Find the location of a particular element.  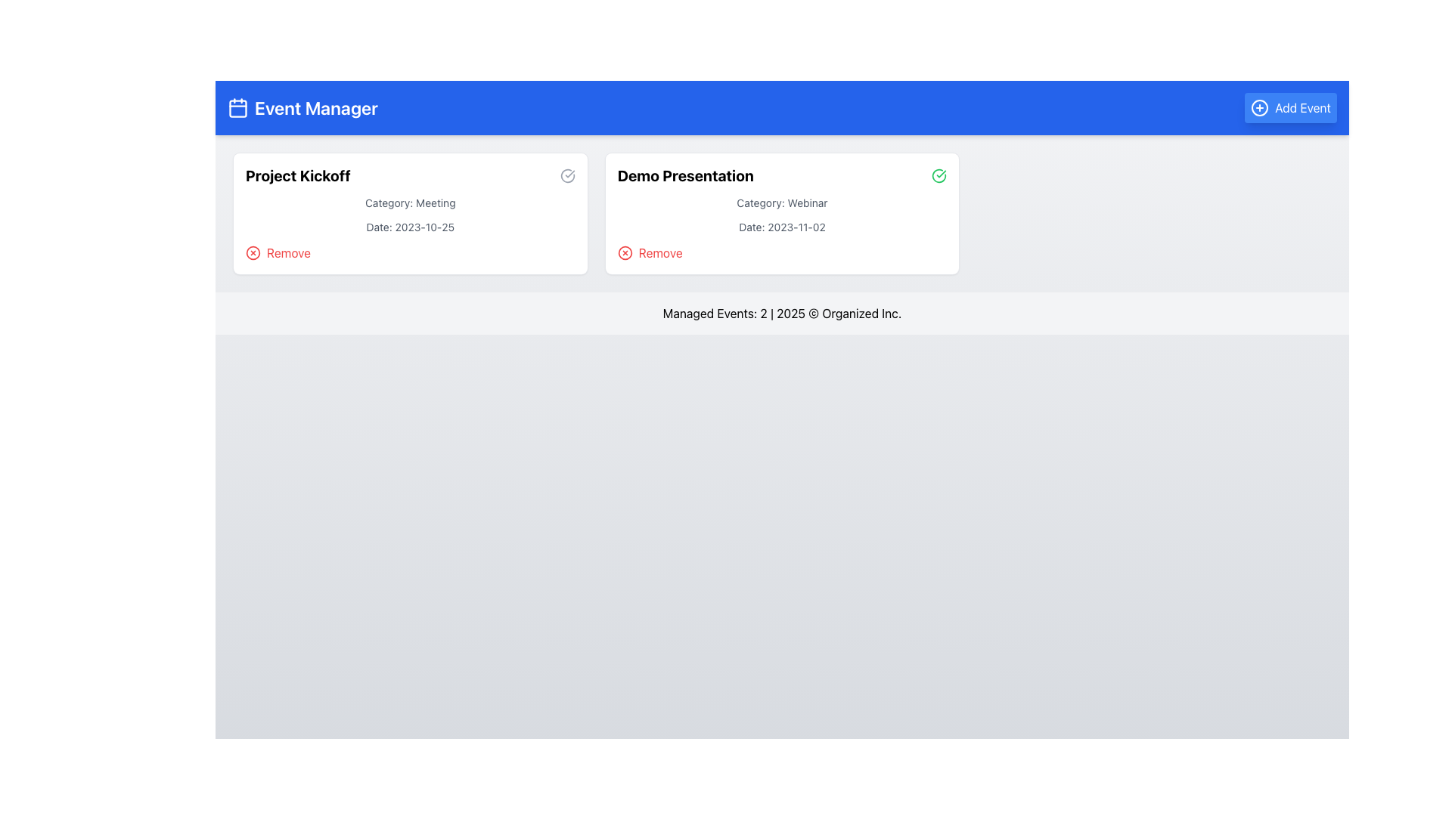

the SVG Circle element that is part of the 'Add Event' button in the top-right corner of the UI is located at coordinates (1260, 107).